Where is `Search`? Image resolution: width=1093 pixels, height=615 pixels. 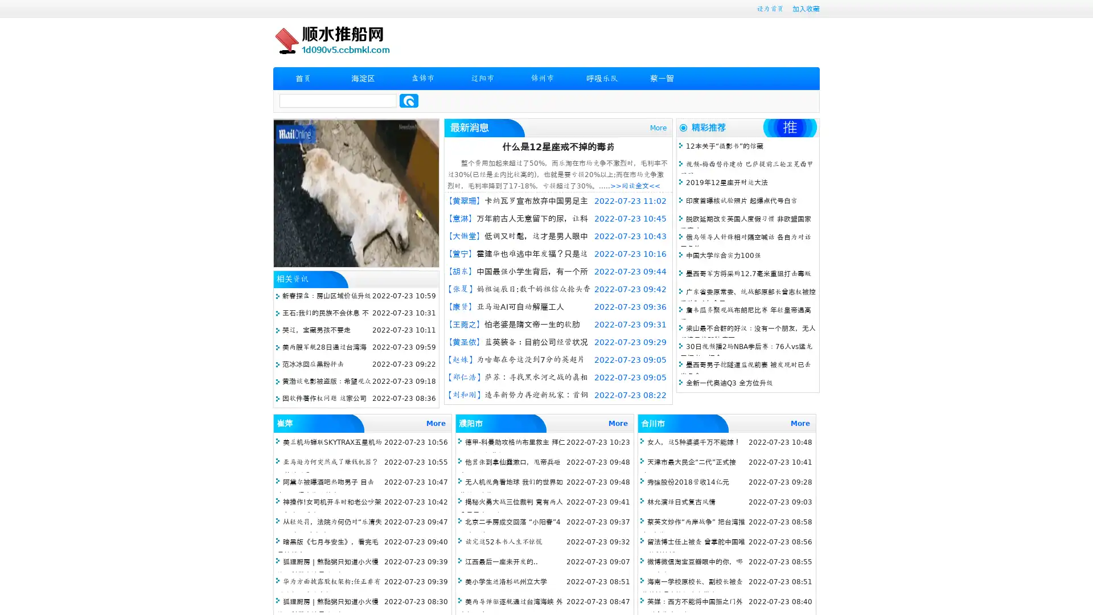 Search is located at coordinates (409, 100).